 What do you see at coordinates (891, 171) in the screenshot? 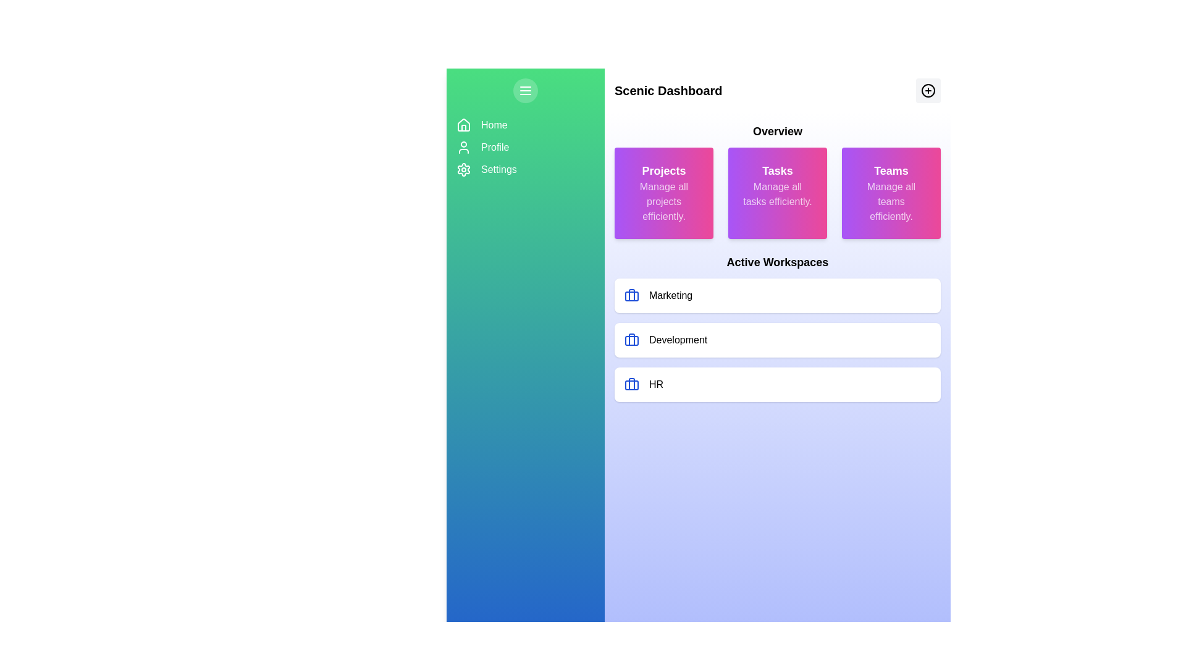
I see `the text label that serves as a title for the 'Teams' card located in the top-right purple-to-pink gradient card under the 'Overview' section` at bounding box center [891, 171].